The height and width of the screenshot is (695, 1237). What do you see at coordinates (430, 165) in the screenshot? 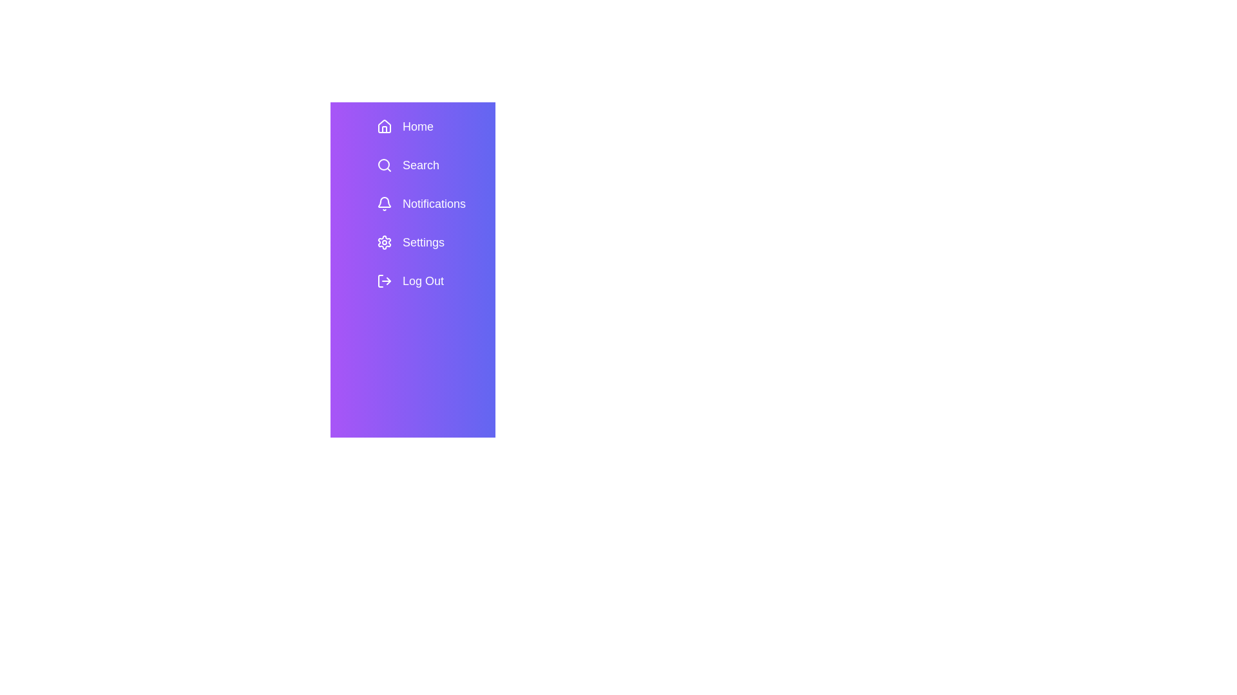
I see `the menu item Search in the SidebarMenu` at bounding box center [430, 165].